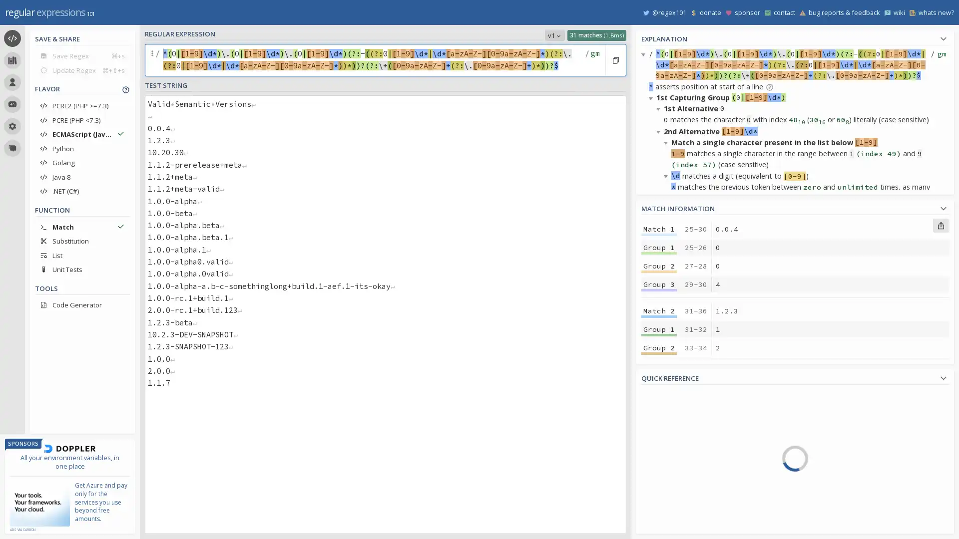 The image size is (959, 539). What do you see at coordinates (659, 411) in the screenshot?
I see `Group 1` at bounding box center [659, 411].